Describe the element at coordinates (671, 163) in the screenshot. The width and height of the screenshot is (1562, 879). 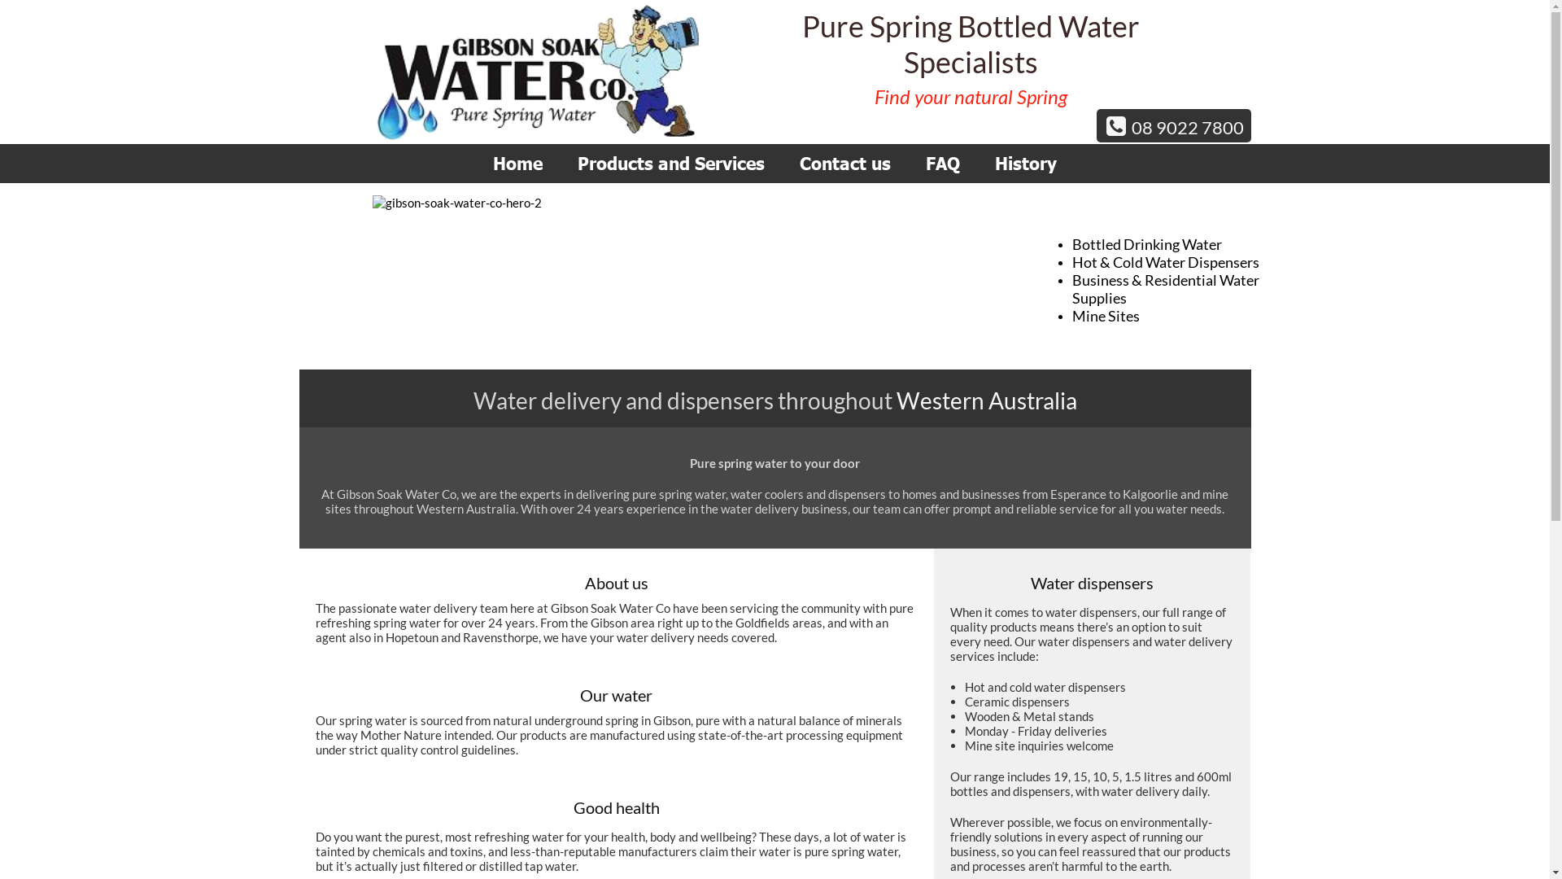
I see `'Products and Services'` at that location.